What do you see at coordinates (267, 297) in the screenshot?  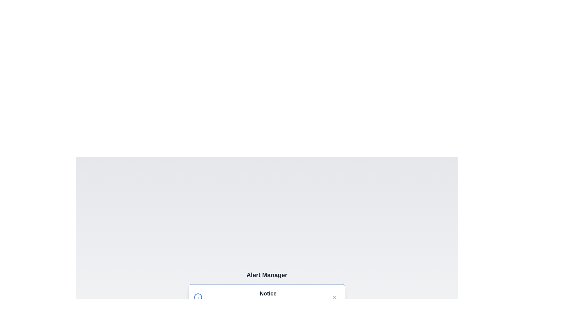 I see `the alert to expand and view its title and details` at bounding box center [267, 297].